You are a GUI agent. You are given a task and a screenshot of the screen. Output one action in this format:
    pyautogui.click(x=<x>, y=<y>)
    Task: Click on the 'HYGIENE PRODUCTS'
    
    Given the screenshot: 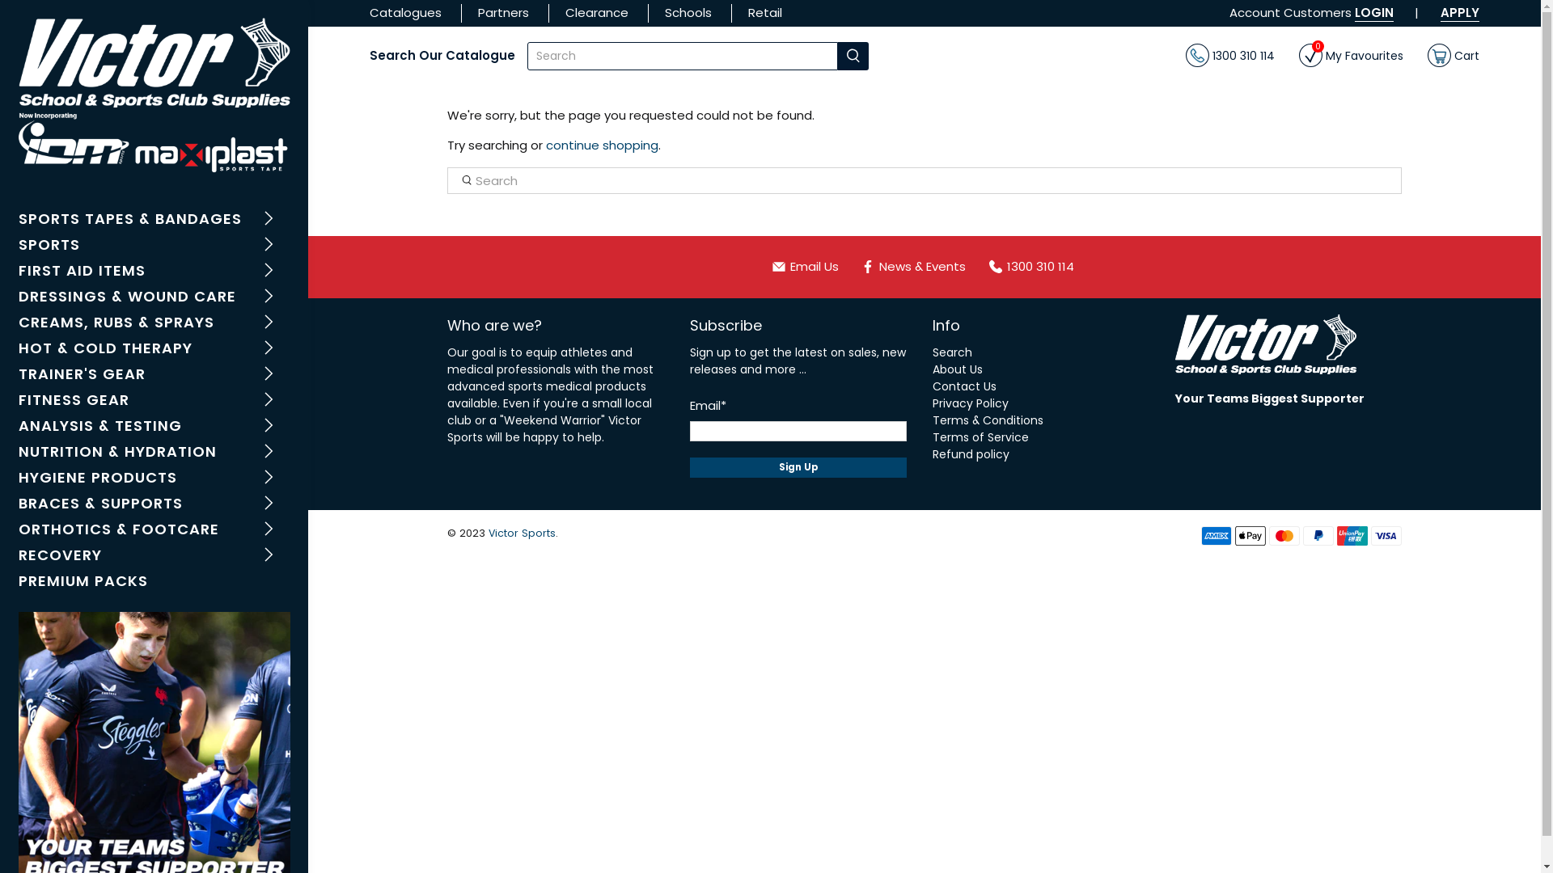 What is the action you would take?
    pyautogui.click(x=154, y=479)
    